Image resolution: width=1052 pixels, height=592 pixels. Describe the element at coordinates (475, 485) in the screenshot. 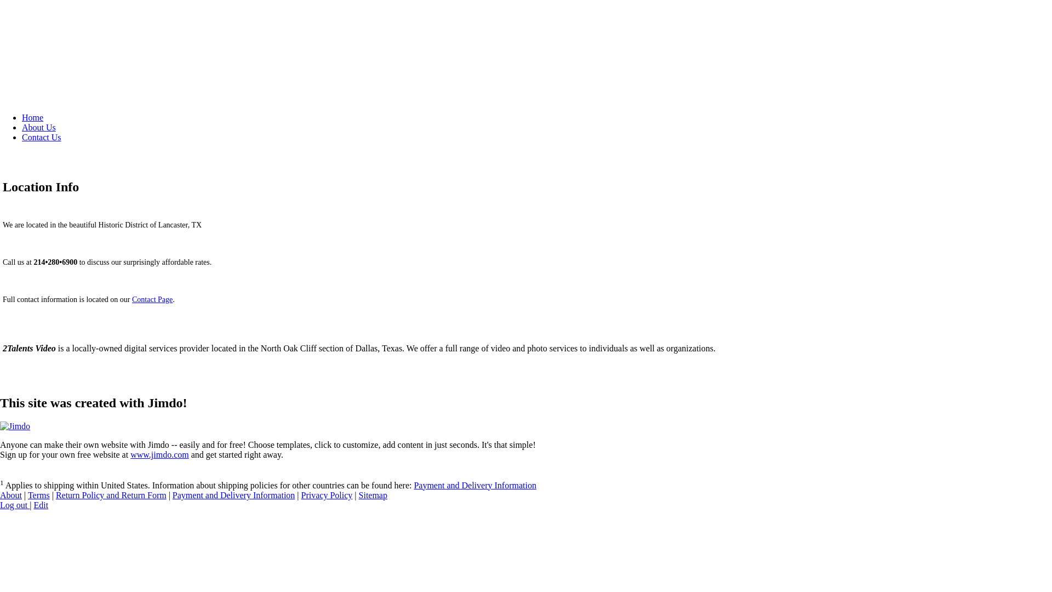

I see `'Payment and Delivery Information'` at that location.